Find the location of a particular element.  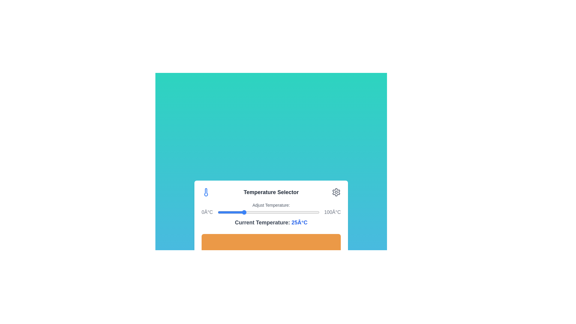

the thermometer icon is located at coordinates (206, 192).